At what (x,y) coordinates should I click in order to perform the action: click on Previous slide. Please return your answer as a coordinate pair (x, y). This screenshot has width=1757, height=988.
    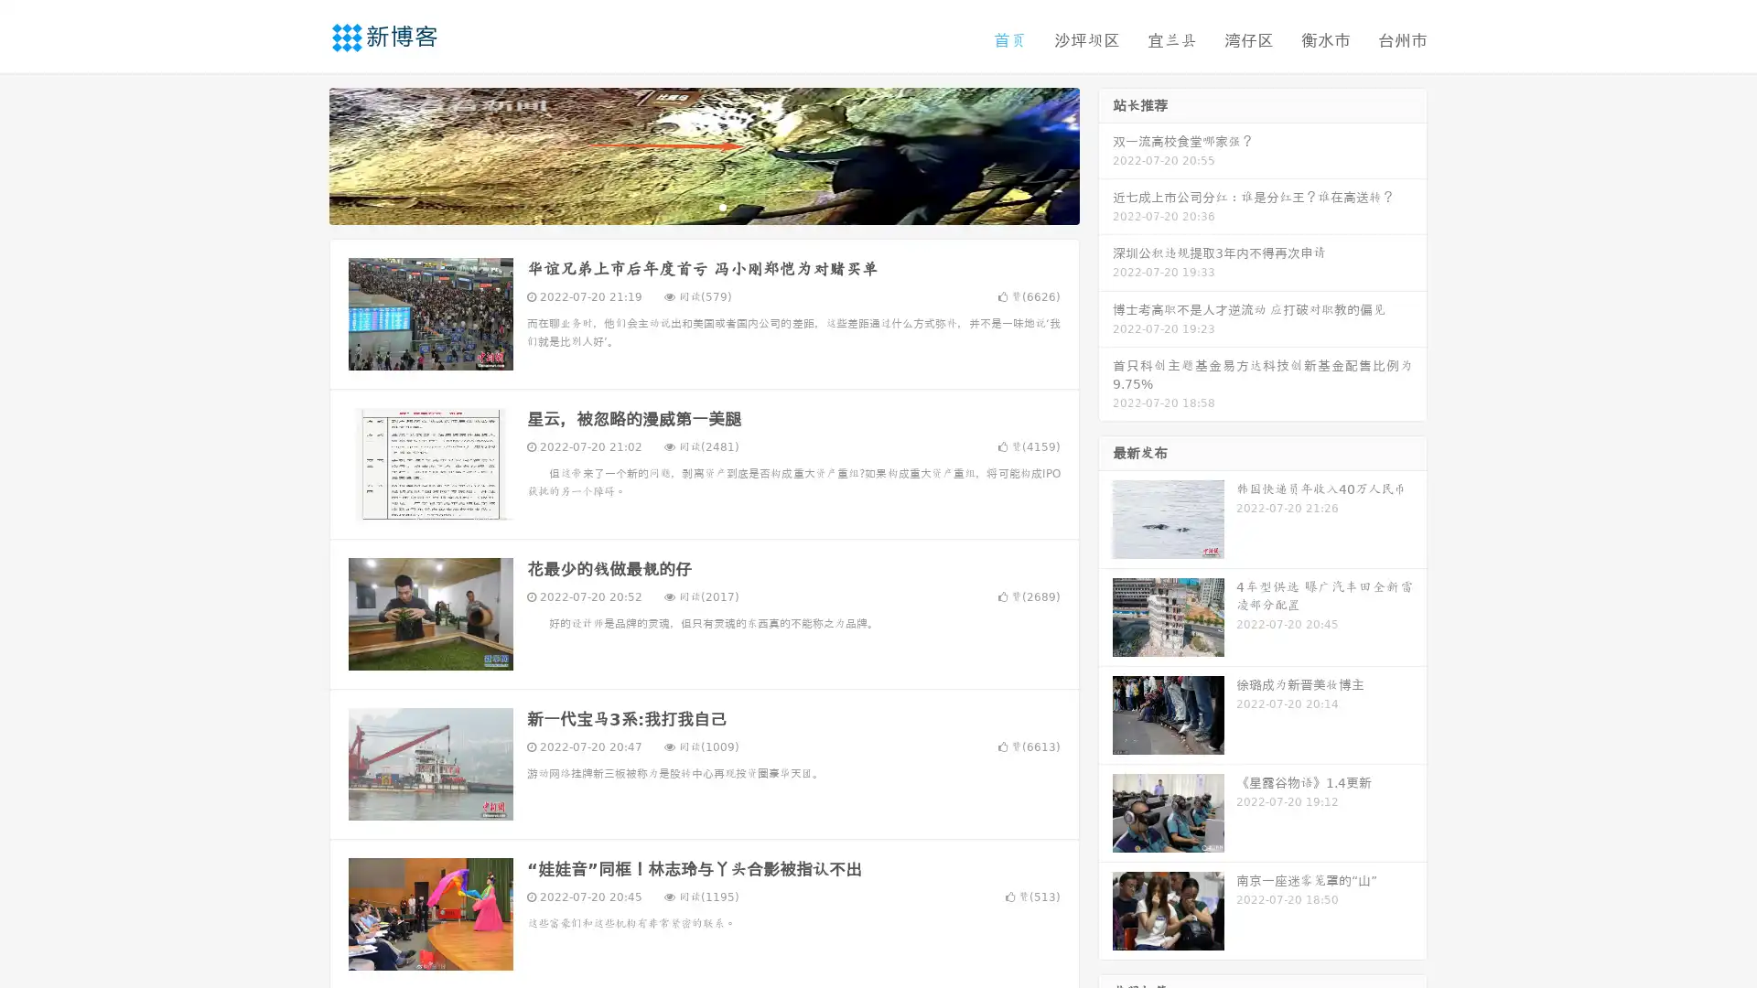
    Looking at the image, I should click on (302, 154).